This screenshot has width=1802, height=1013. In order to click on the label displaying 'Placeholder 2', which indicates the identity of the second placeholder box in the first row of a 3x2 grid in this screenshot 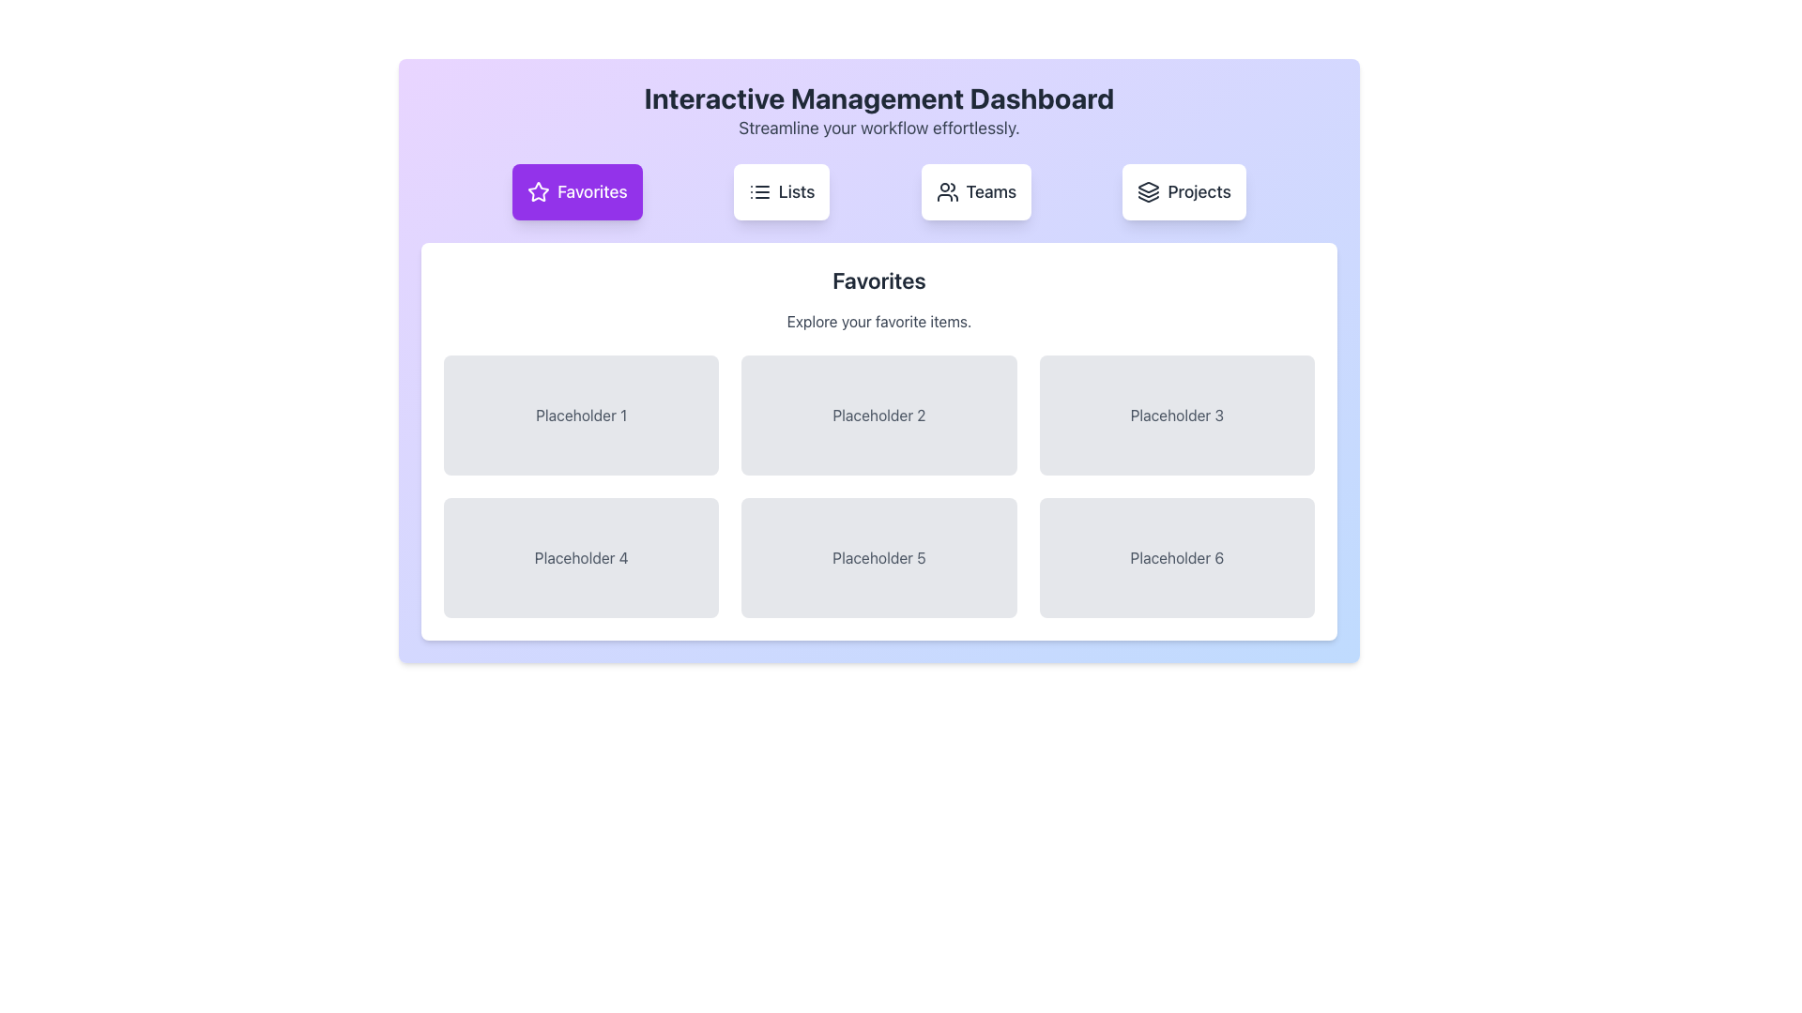, I will do `click(878, 415)`.